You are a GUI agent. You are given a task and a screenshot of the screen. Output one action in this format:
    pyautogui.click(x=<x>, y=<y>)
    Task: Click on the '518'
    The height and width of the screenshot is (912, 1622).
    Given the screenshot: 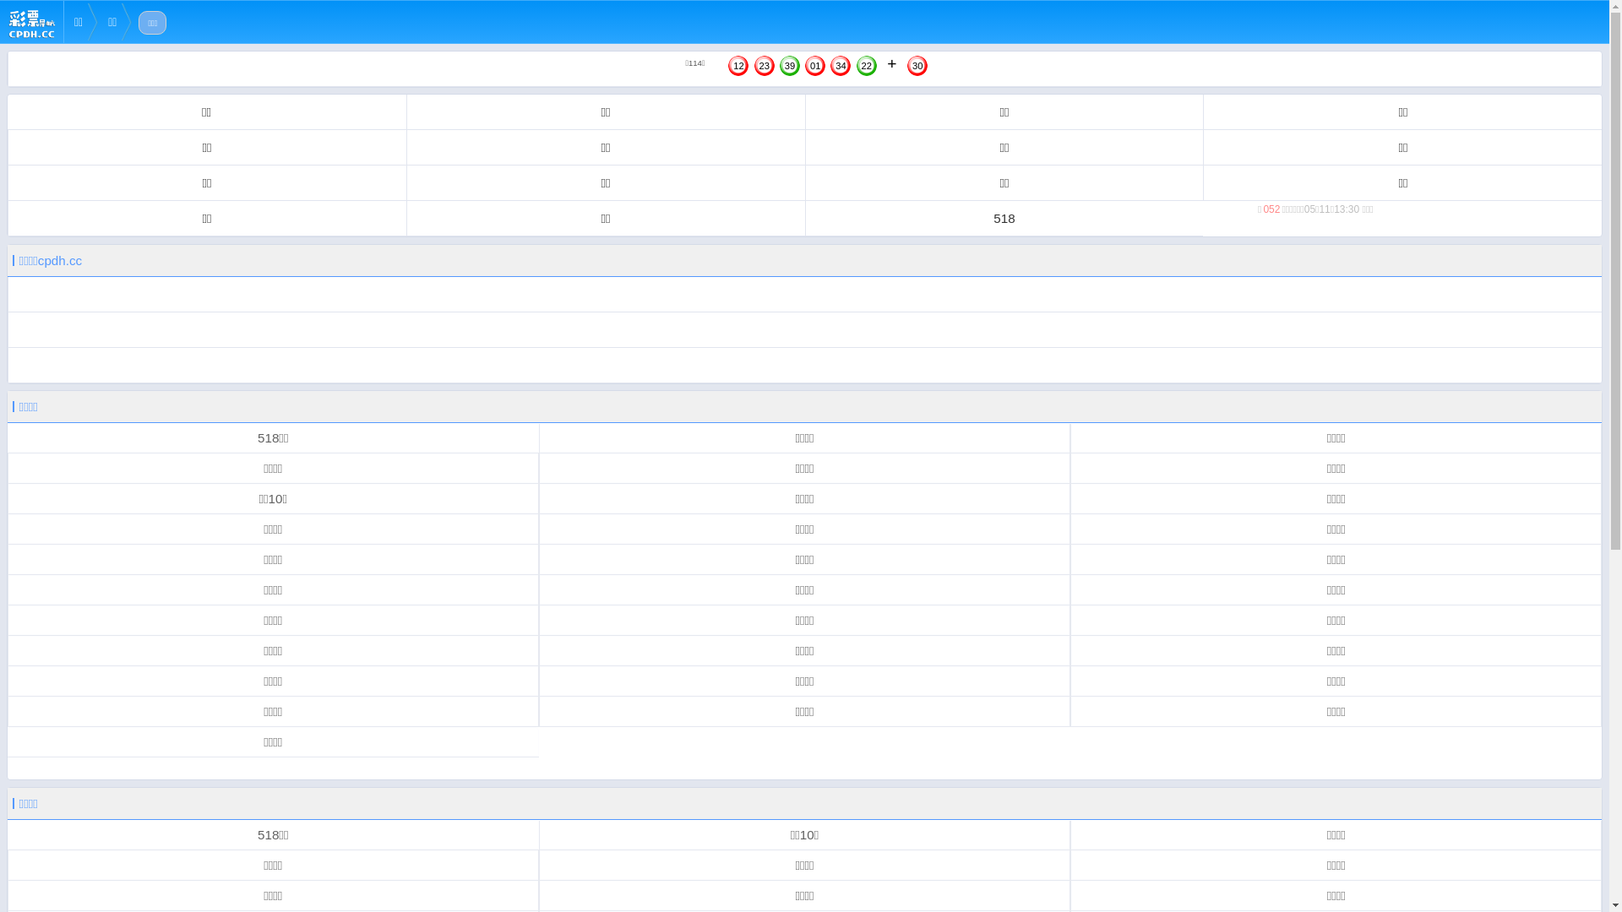 What is the action you would take?
    pyautogui.click(x=1004, y=217)
    